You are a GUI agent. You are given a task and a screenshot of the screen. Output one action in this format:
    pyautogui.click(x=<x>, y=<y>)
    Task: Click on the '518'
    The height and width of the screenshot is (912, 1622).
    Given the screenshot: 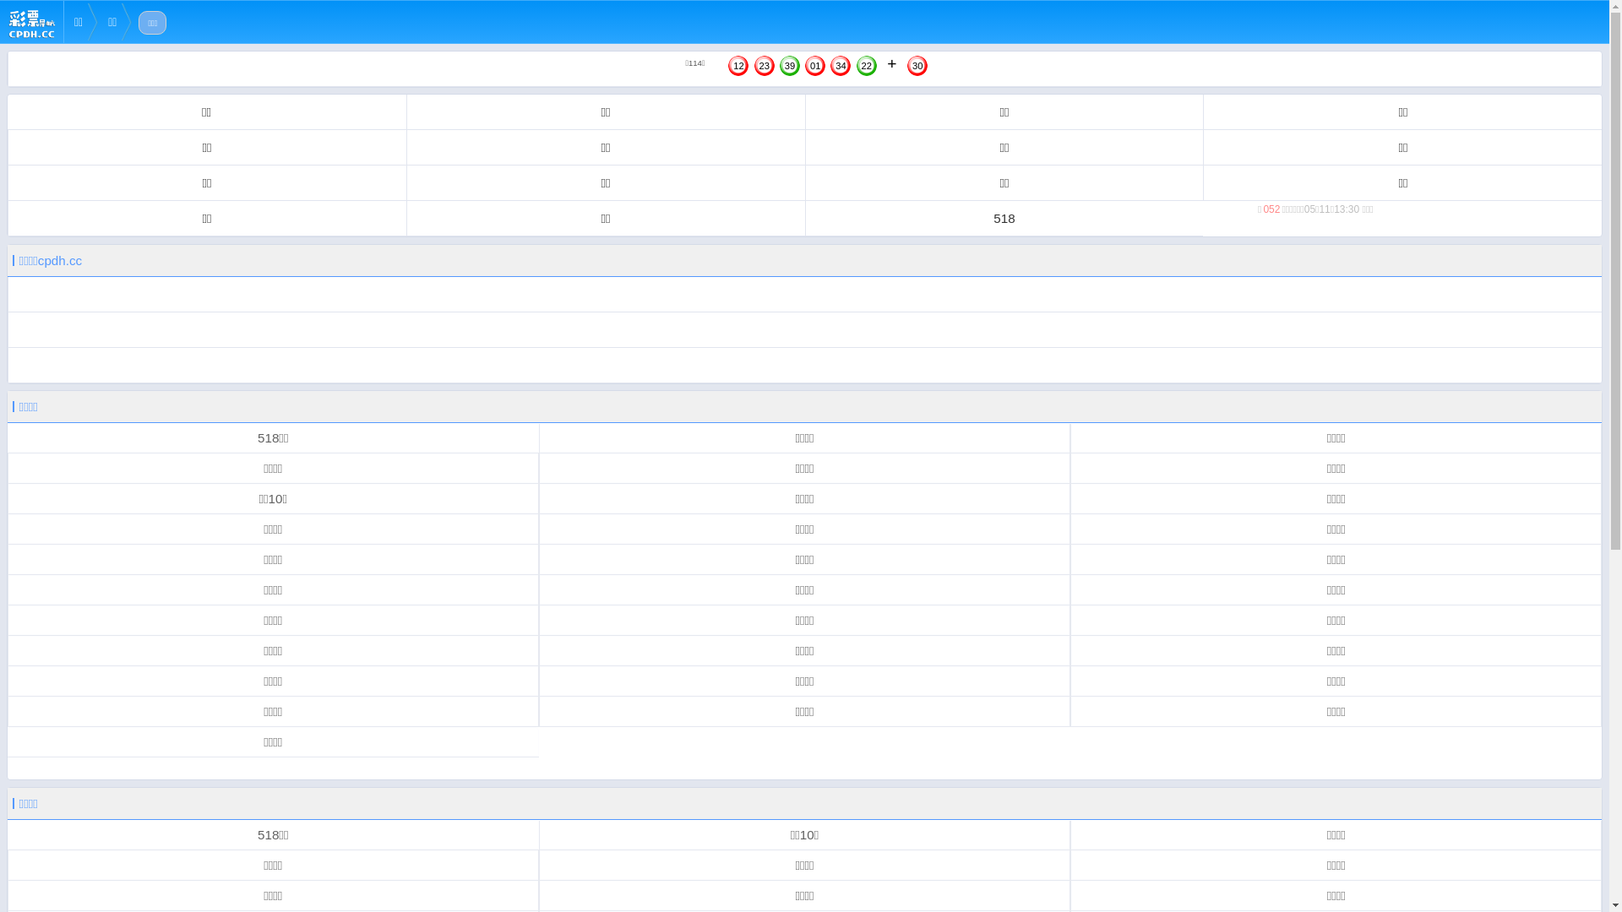 What is the action you would take?
    pyautogui.click(x=1004, y=217)
    